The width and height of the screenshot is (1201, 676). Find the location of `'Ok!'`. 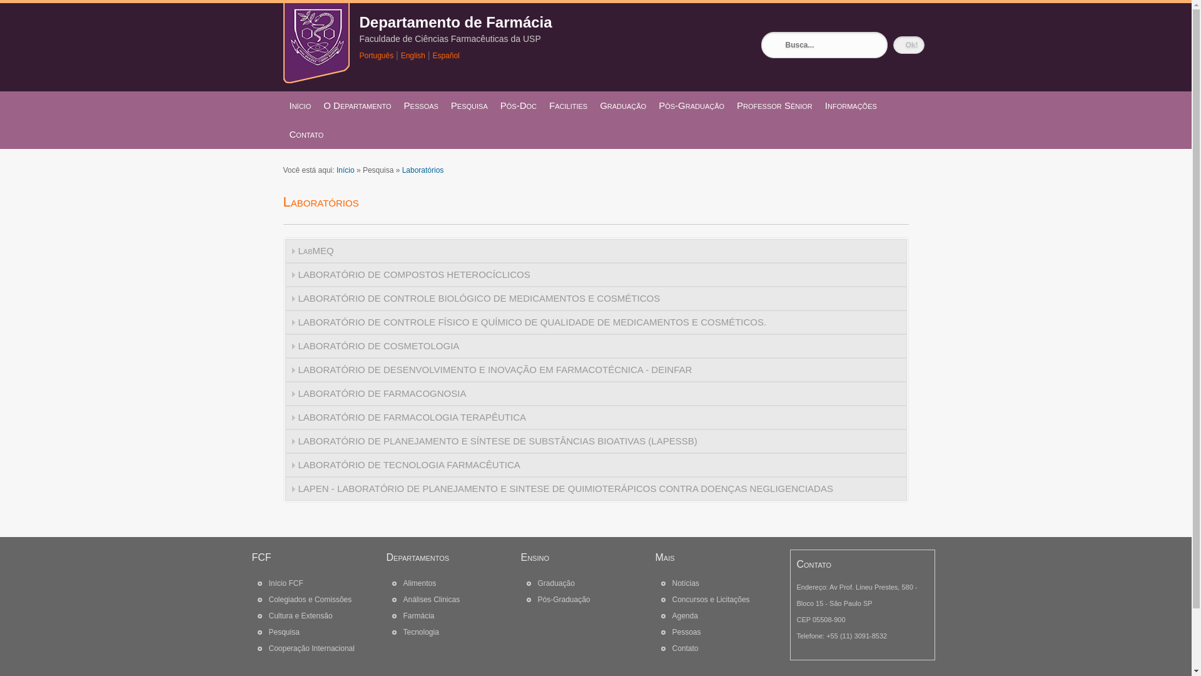

'Ok!' is located at coordinates (909, 44).